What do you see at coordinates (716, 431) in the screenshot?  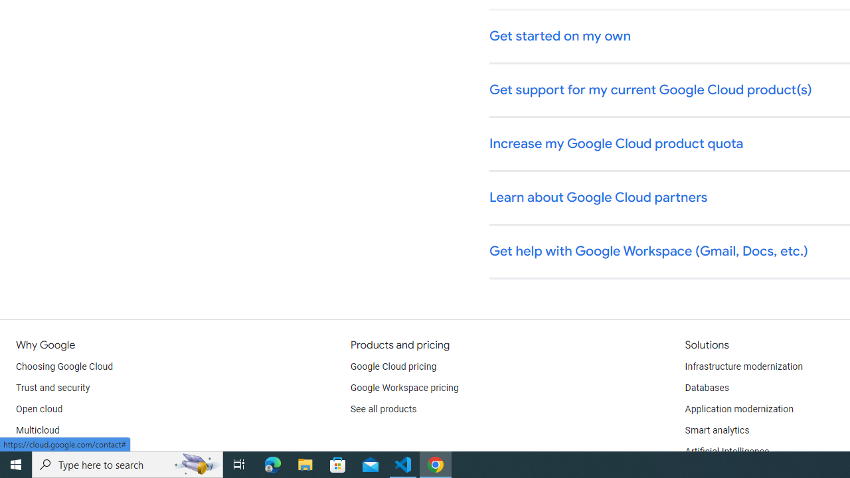 I see `'Smart analytics'` at bounding box center [716, 431].